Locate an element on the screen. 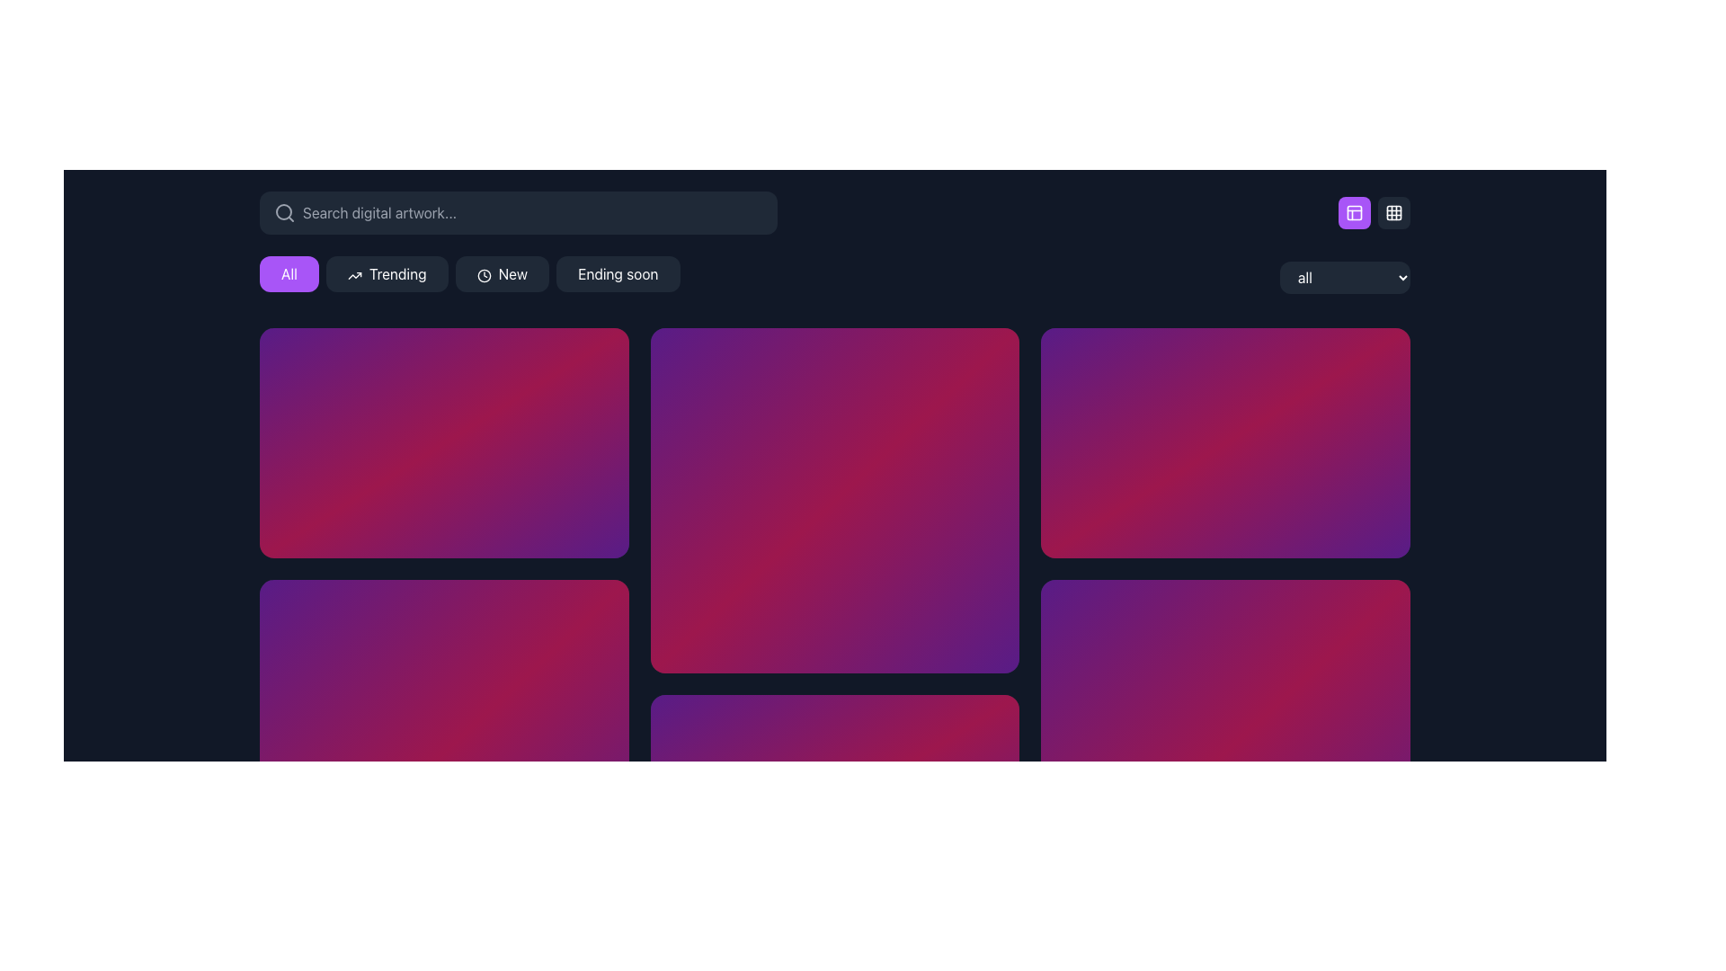  the outer circular part of the magnifying glass icon, which symbolizes search functionality, located to the left side of the search bar near the top of the interface is located at coordinates (283, 210).